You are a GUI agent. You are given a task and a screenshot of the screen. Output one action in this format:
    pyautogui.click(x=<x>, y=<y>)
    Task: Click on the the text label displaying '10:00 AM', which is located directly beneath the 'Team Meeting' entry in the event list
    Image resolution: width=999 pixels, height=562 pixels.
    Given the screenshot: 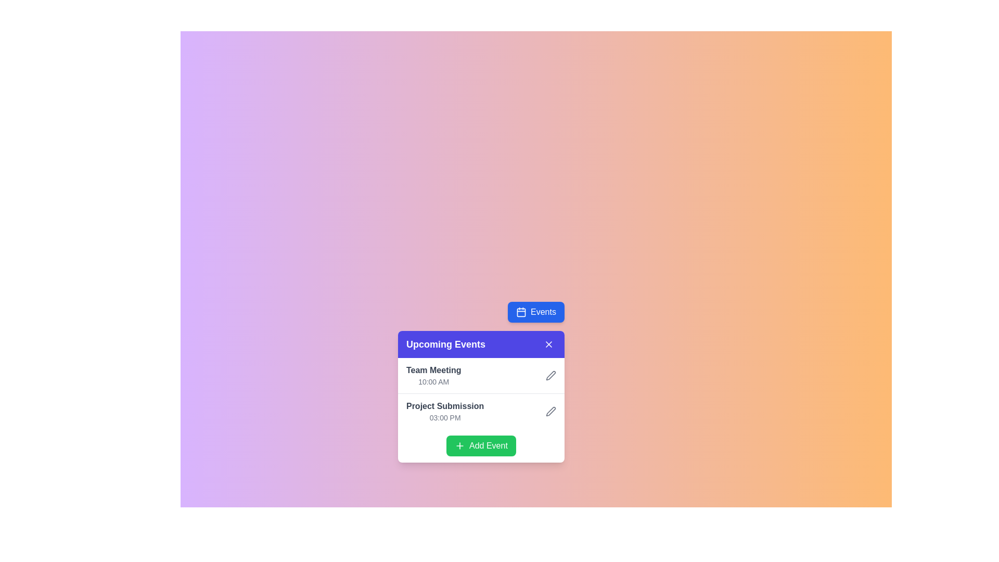 What is the action you would take?
    pyautogui.click(x=433, y=381)
    